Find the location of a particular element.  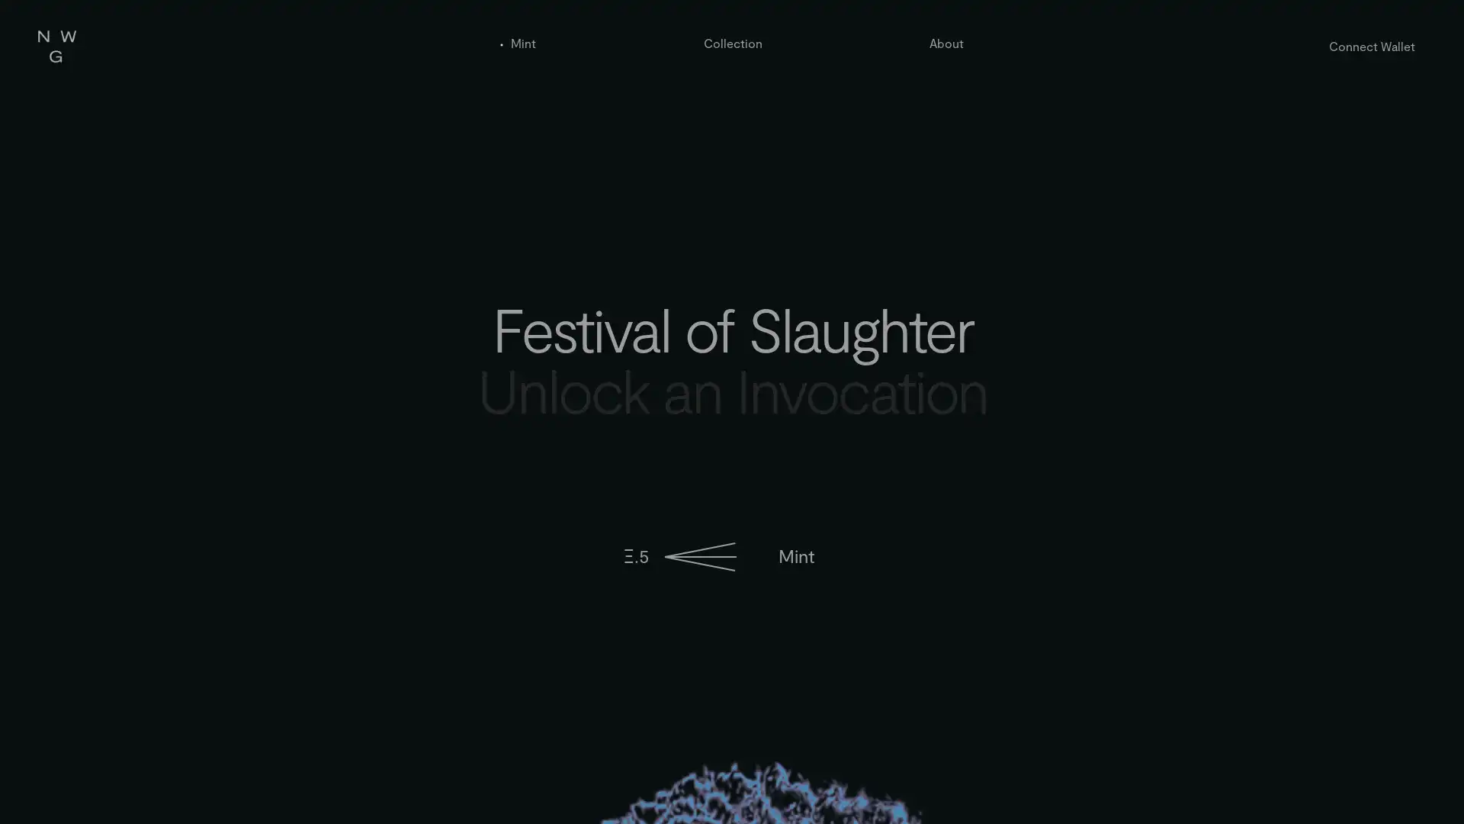

Connect Wallet is located at coordinates (1372, 45).